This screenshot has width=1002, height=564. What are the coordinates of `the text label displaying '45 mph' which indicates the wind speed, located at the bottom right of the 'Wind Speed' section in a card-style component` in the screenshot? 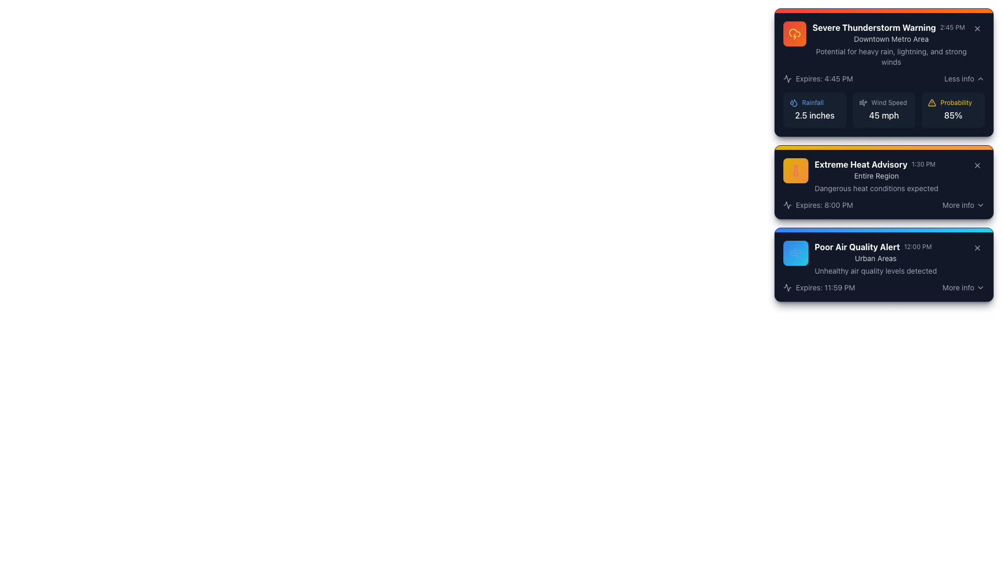 It's located at (884, 115).